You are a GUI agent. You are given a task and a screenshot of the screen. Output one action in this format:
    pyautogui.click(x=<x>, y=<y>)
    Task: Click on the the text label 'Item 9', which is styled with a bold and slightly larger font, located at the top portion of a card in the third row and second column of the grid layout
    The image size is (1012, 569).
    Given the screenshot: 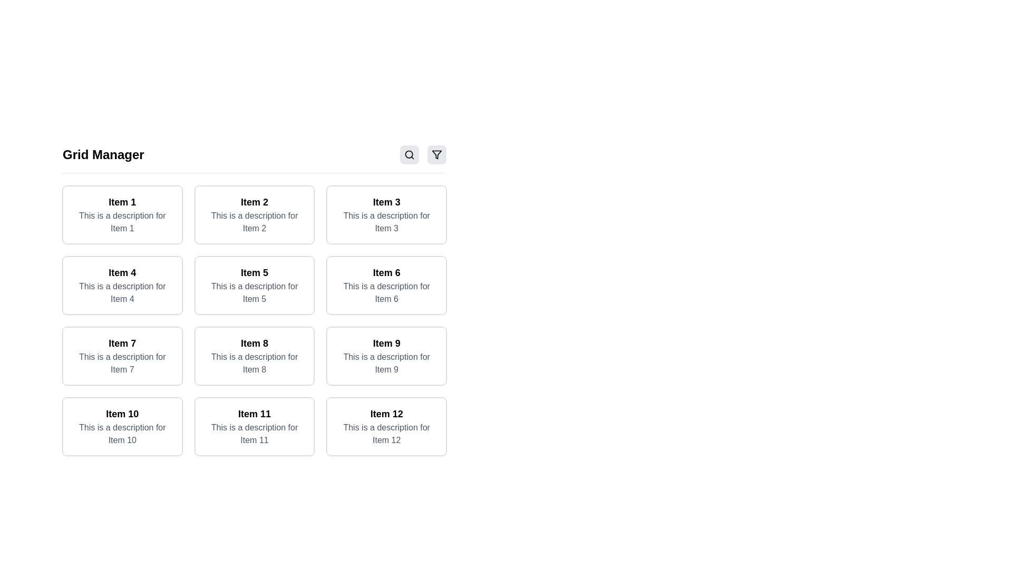 What is the action you would take?
    pyautogui.click(x=386, y=343)
    